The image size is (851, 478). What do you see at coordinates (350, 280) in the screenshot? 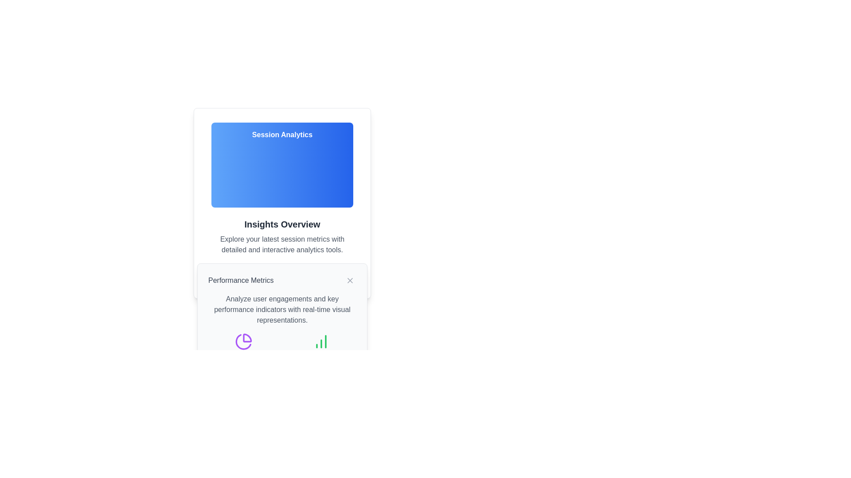
I see `the circular button with an 'X' icon inside, located near the top right of the 'Performance Metrics' section header, to observe any visual feedback` at bounding box center [350, 280].